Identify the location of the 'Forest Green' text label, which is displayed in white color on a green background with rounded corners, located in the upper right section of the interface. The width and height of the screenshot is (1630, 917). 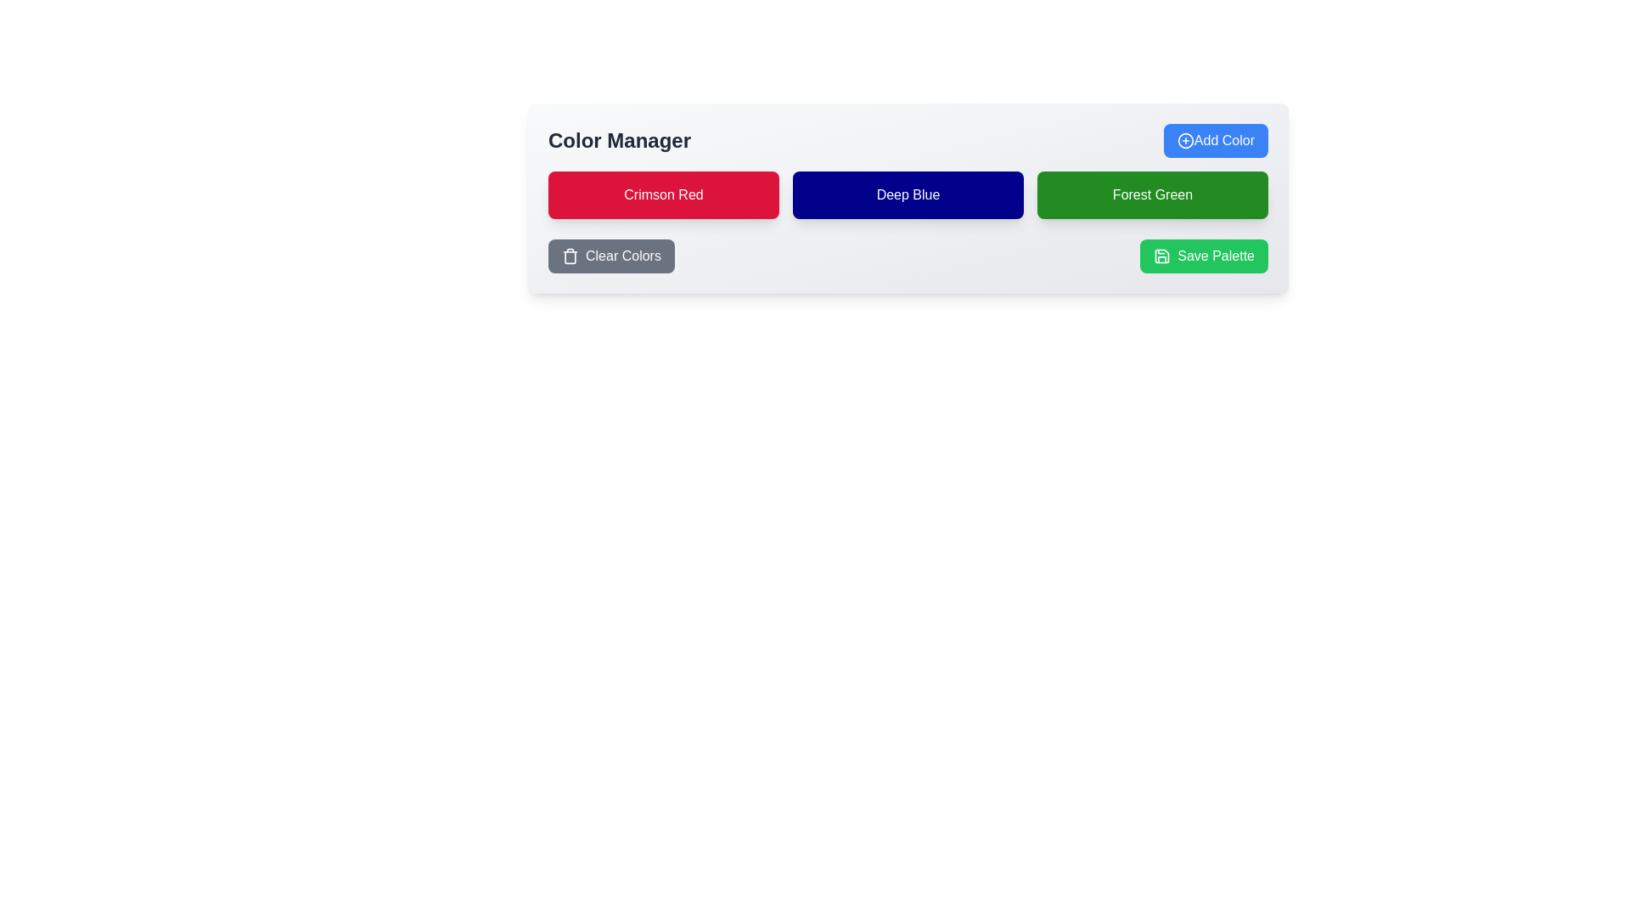
(1153, 194).